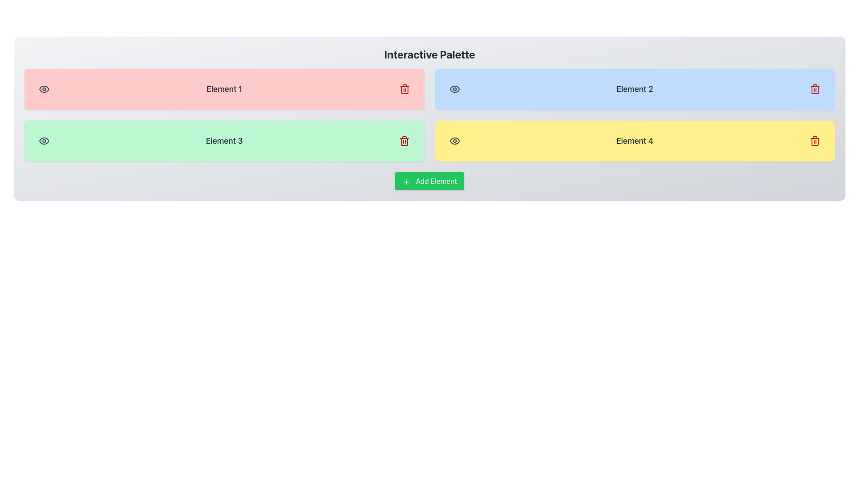  I want to click on the outer contour of the visibility icon located at the left side of the red-colored 'Element 1' module in the 'Interactive Palette' interface, so click(44, 89).